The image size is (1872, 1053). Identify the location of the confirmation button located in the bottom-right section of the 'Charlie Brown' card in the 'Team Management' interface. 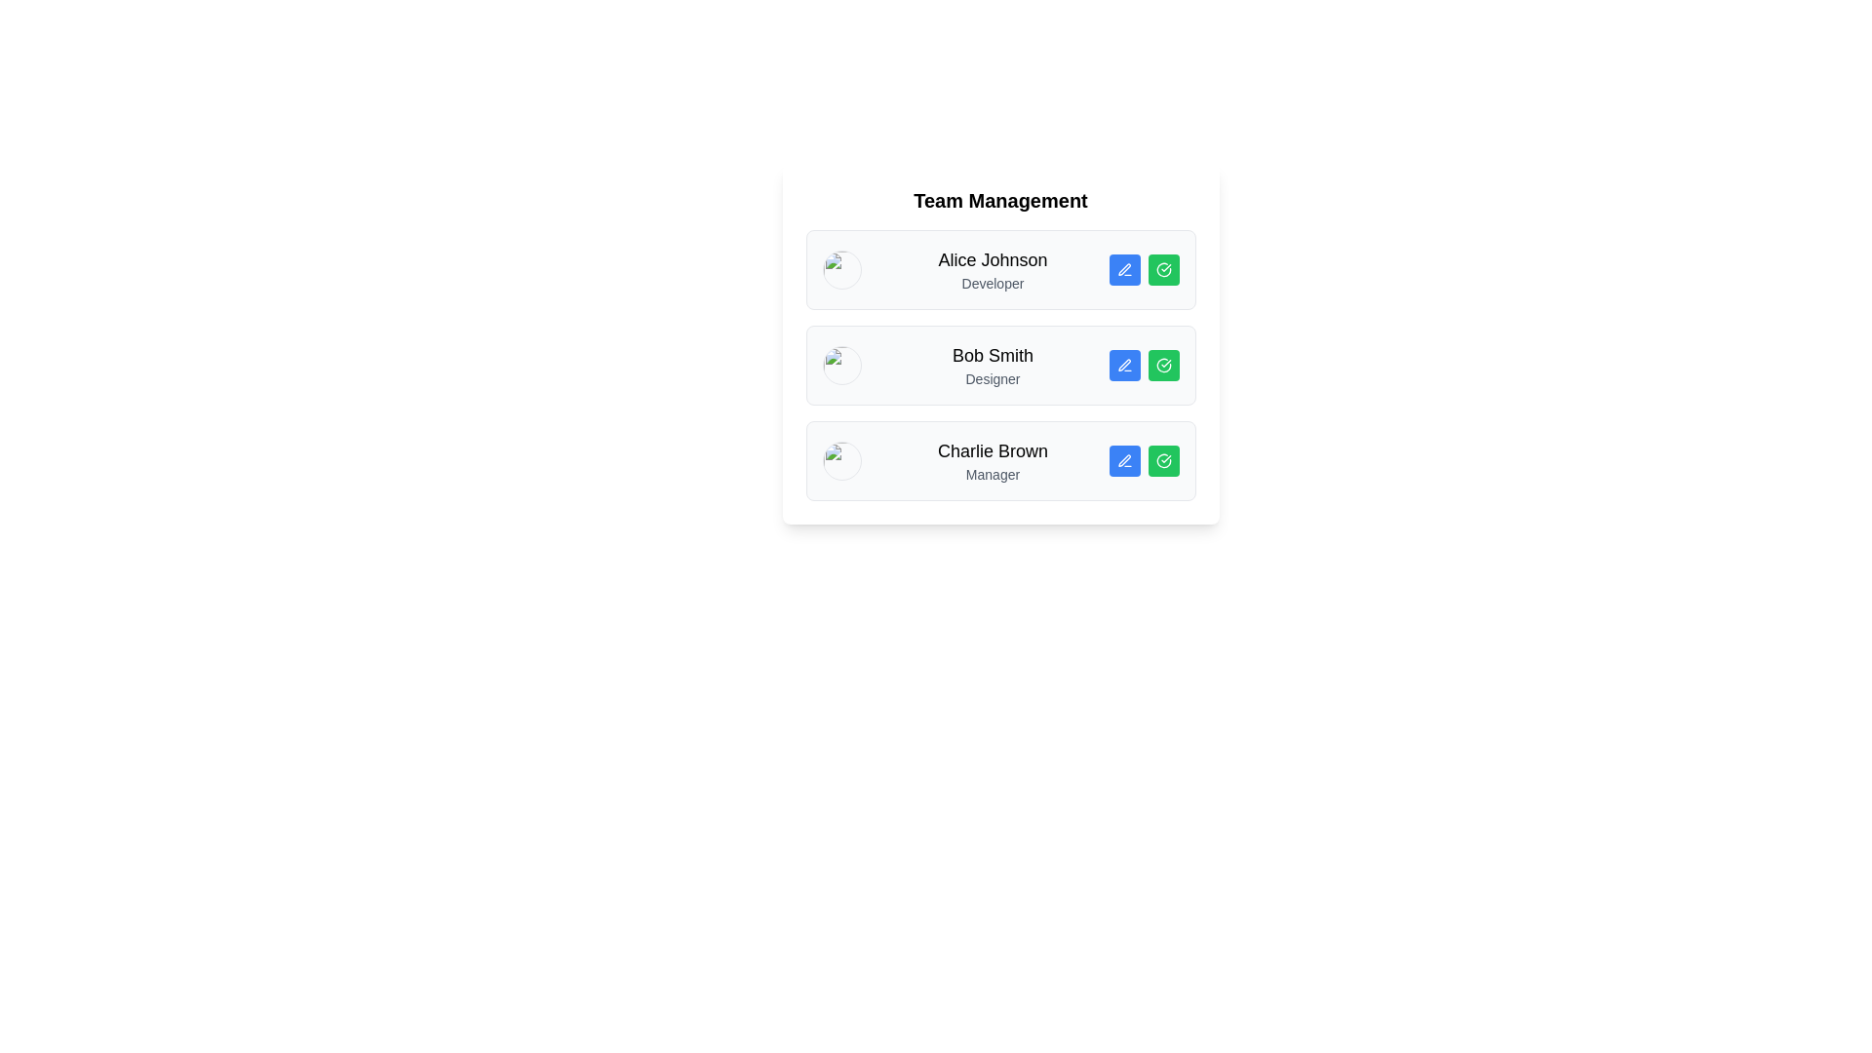
(1163, 461).